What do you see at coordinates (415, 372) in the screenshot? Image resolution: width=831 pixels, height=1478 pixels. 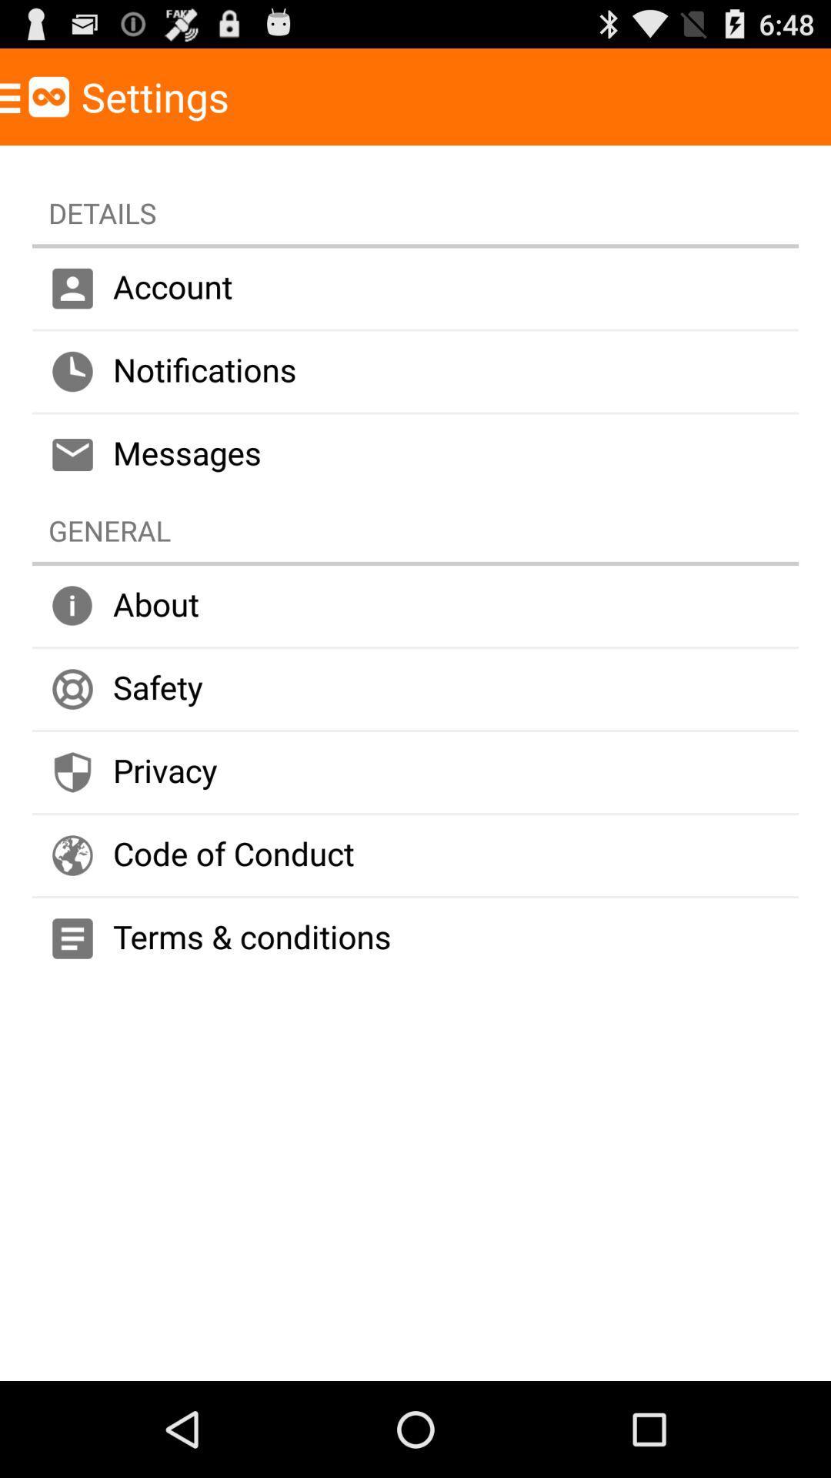 I see `the notifications item` at bounding box center [415, 372].